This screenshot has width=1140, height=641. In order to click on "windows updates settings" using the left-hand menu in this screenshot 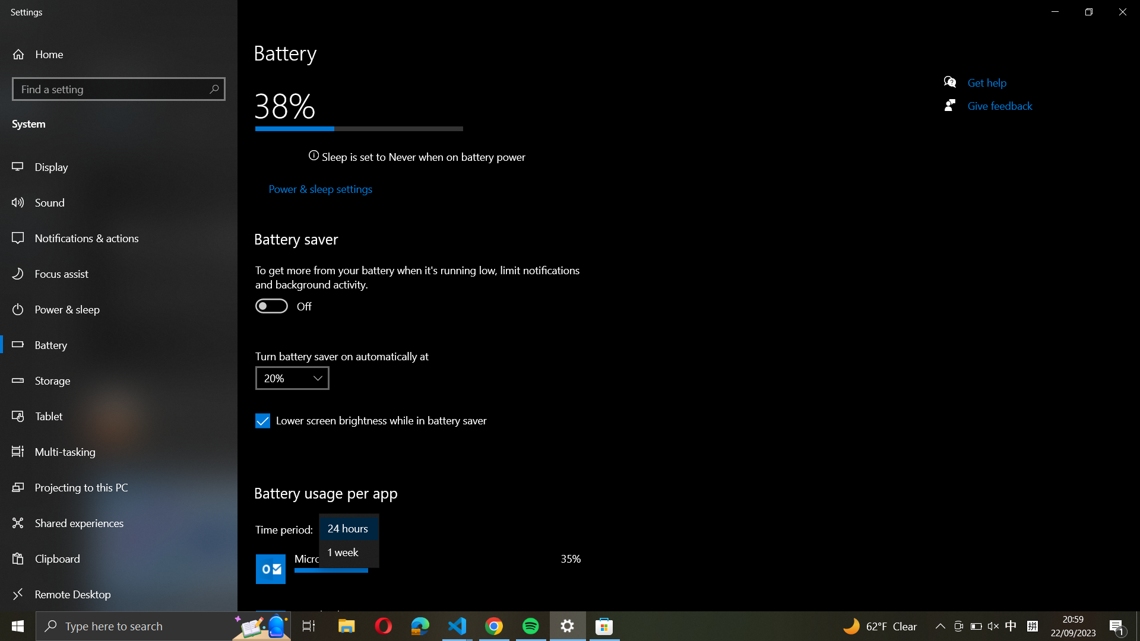, I will do `click(119, 87)`.